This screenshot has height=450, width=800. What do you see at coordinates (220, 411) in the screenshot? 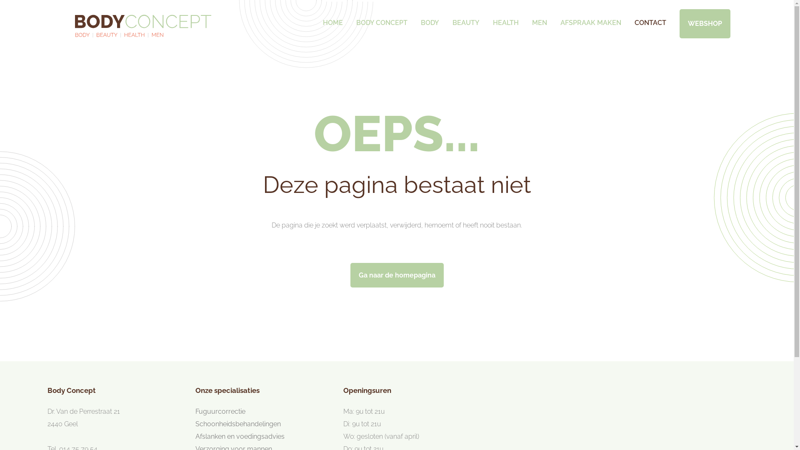
I see `'Fuguurcorrectie'` at bounding box center [220, 411].